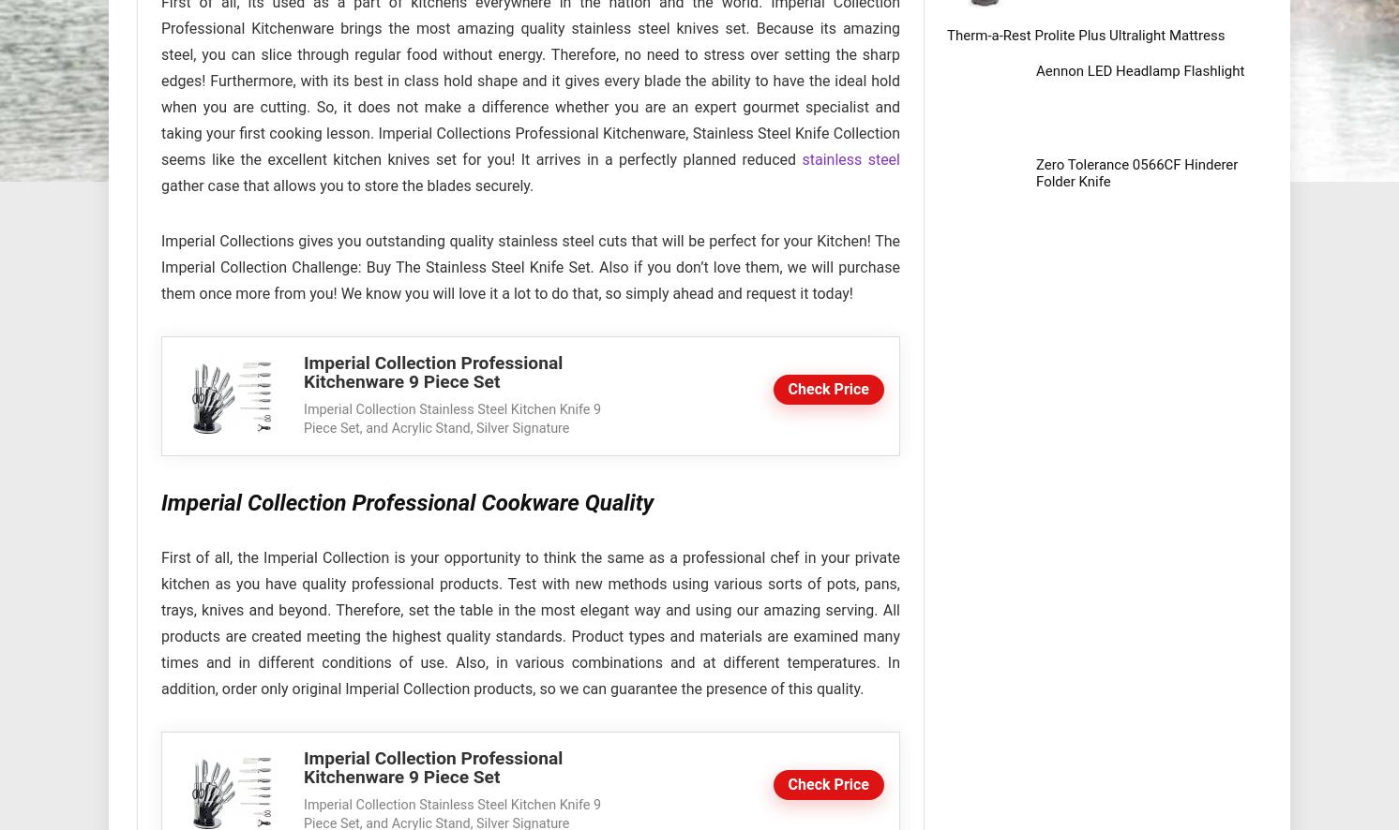 This screenshot has width=1399, height=830. Describe the element at coordinates (530, 622) in the screenshot. I see `'First of all, the Imperial Collection is your opportunity to think the same as a professional chef in your private kitchen as you have quality professional products. Test with new methods using various sorts of pots, pans, trays, knives and beyond. Therefore, set the table in the most elegant way and using our amazing serving. All products are created meeting the highest quality standards. Product types and materials are examined many times and in different conditions of use. Also, in various combinations and at different temperatures. In addition, order only original Imperial Collection products, so we can guarantee the presence of this quality.'` at that location.